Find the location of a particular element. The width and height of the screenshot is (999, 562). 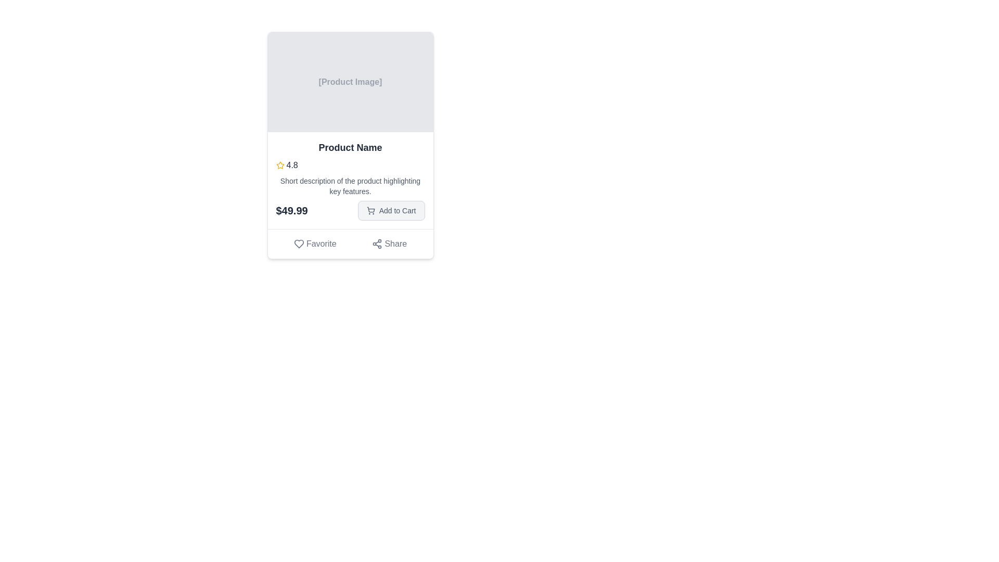

the sharing icon located to the left of the 'Share' text in the bottom right section of the product card layout is located at coordinates (377, 244).